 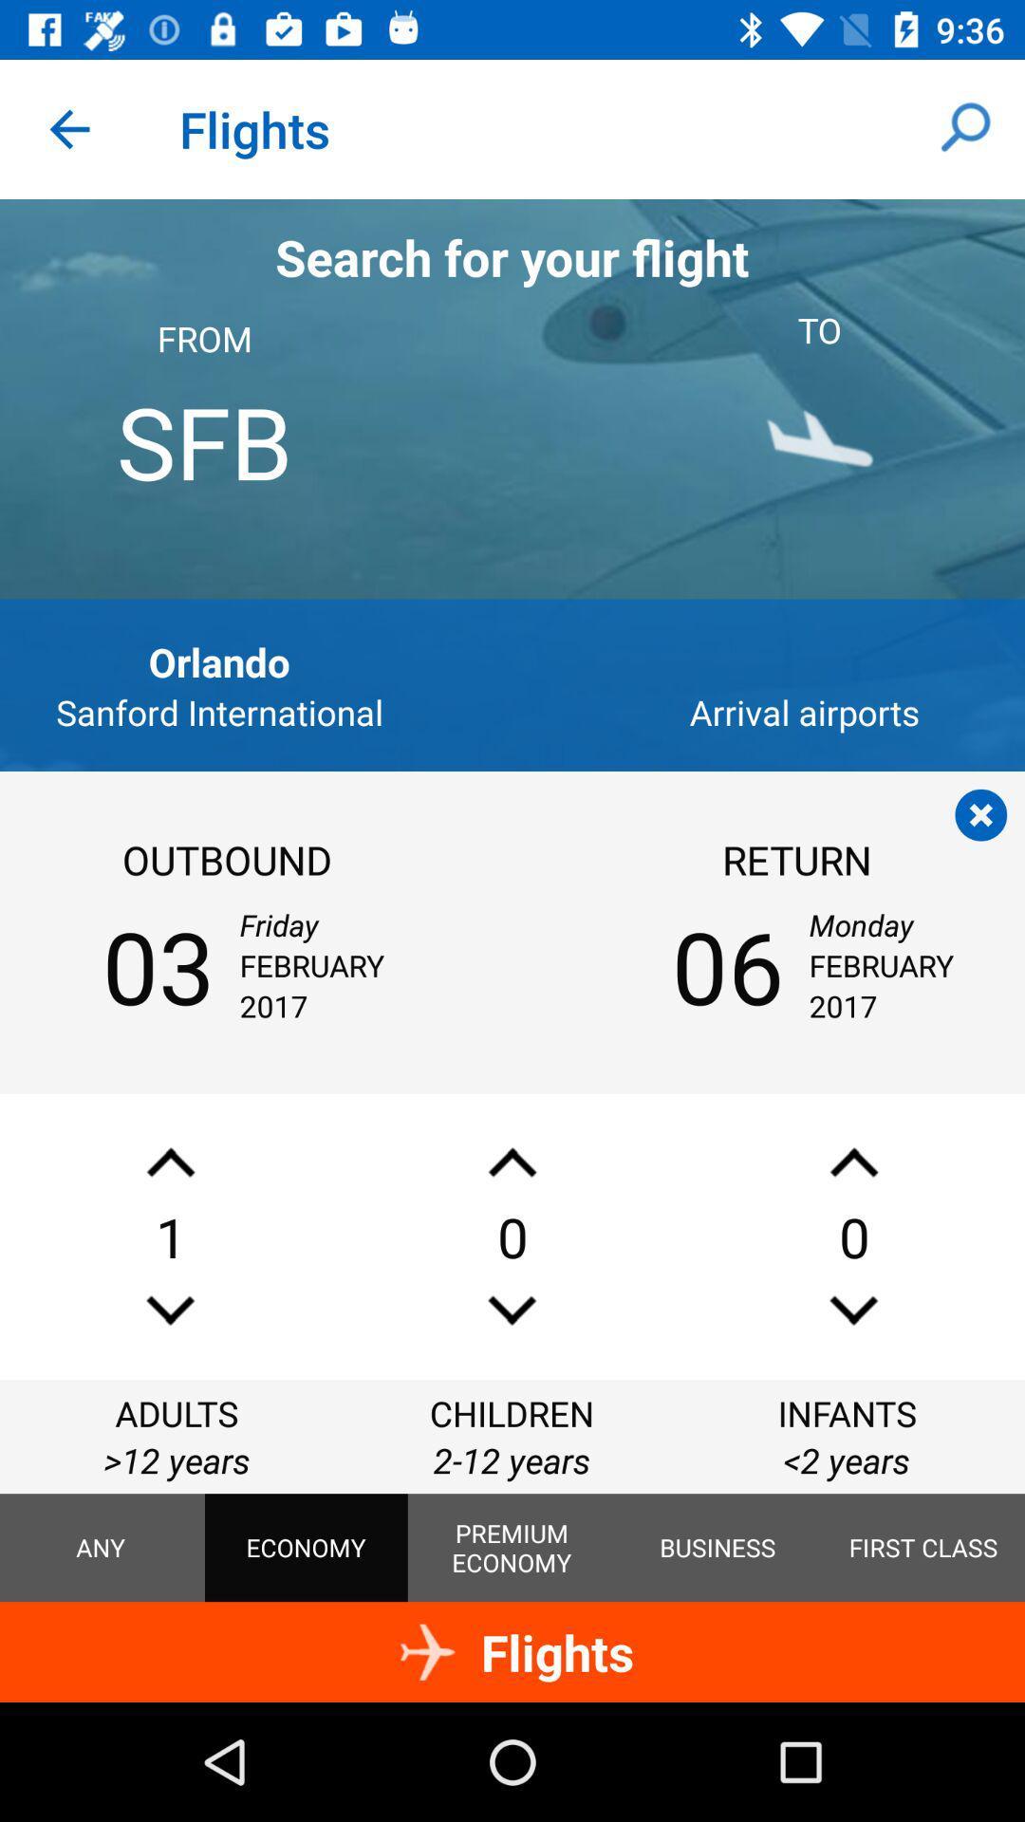 I want to click on the icon below >12 years icon, so click(x=101, y=1548).